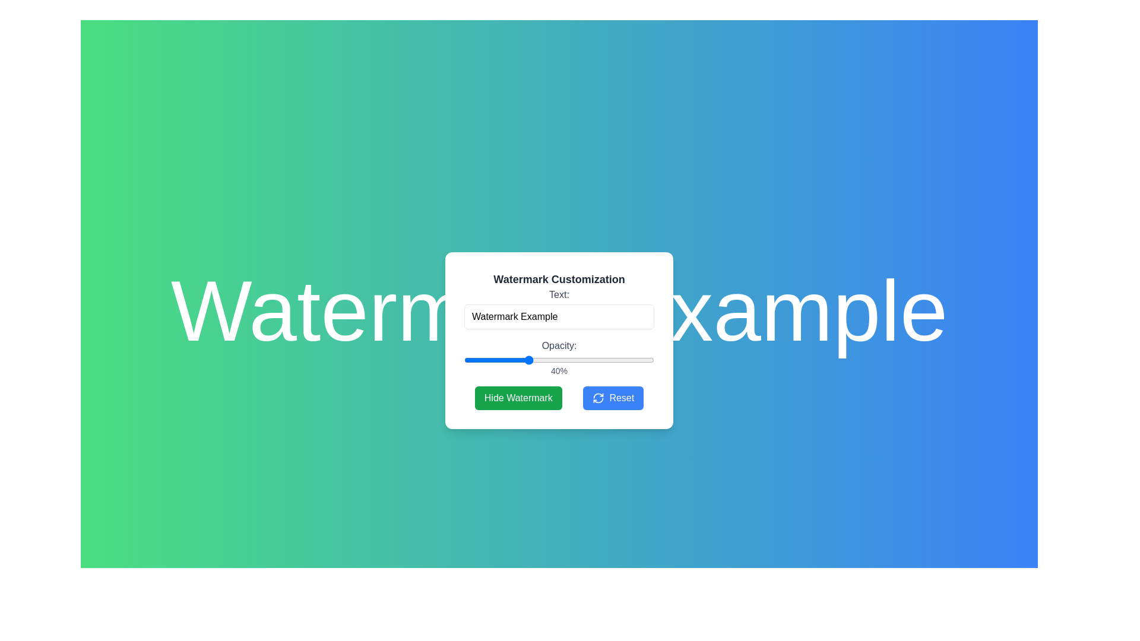 This screenshot has width=1140, height=641. I want to click on opacity, so click(651, 359).